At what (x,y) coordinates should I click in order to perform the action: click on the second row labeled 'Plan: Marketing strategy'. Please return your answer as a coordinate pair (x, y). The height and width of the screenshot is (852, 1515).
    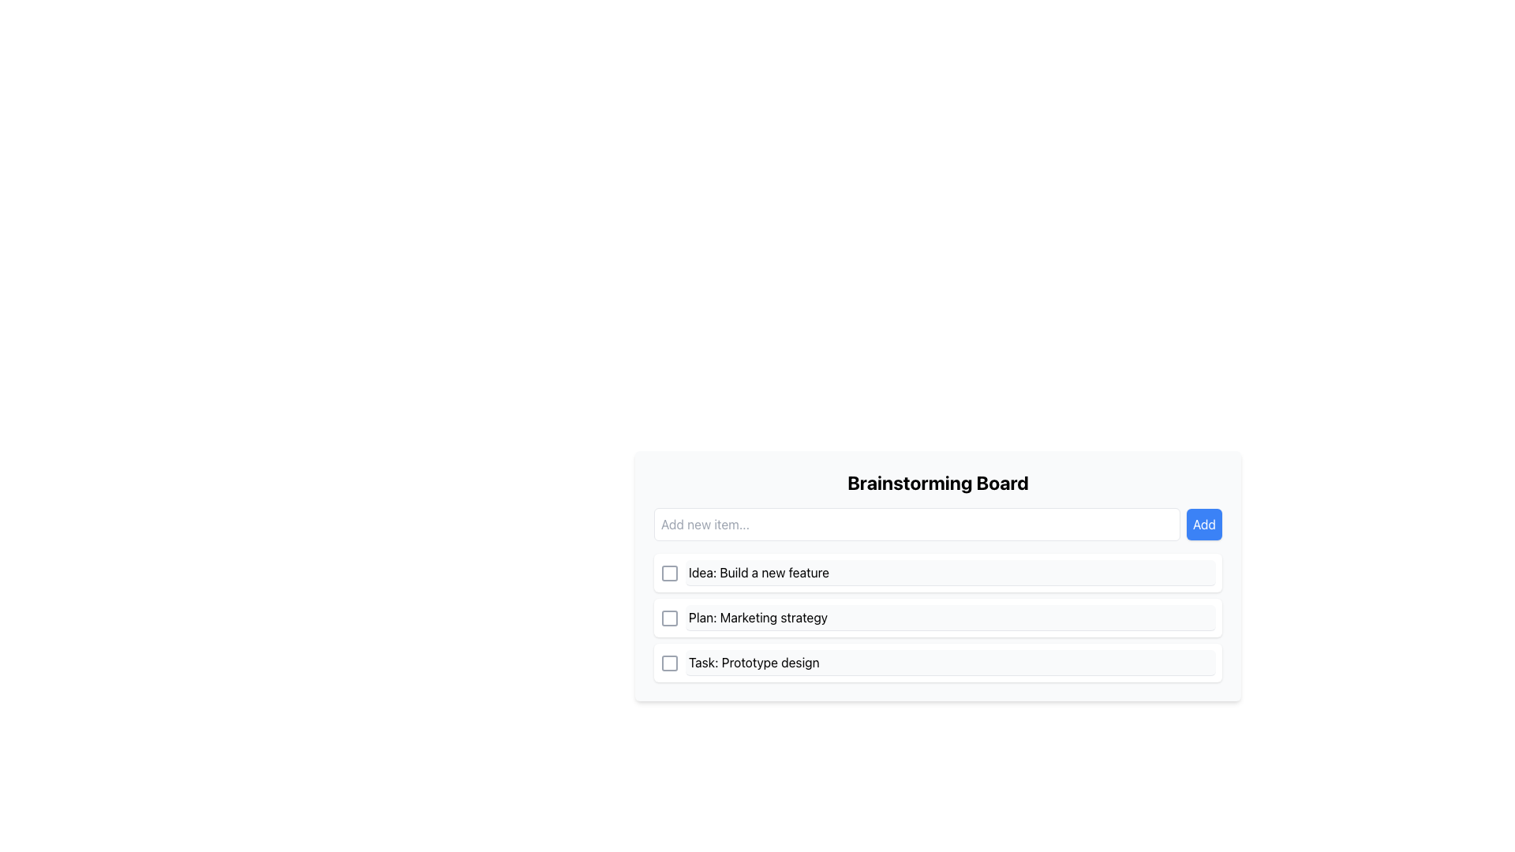
    Looking at the image, I should click on (938, 617).